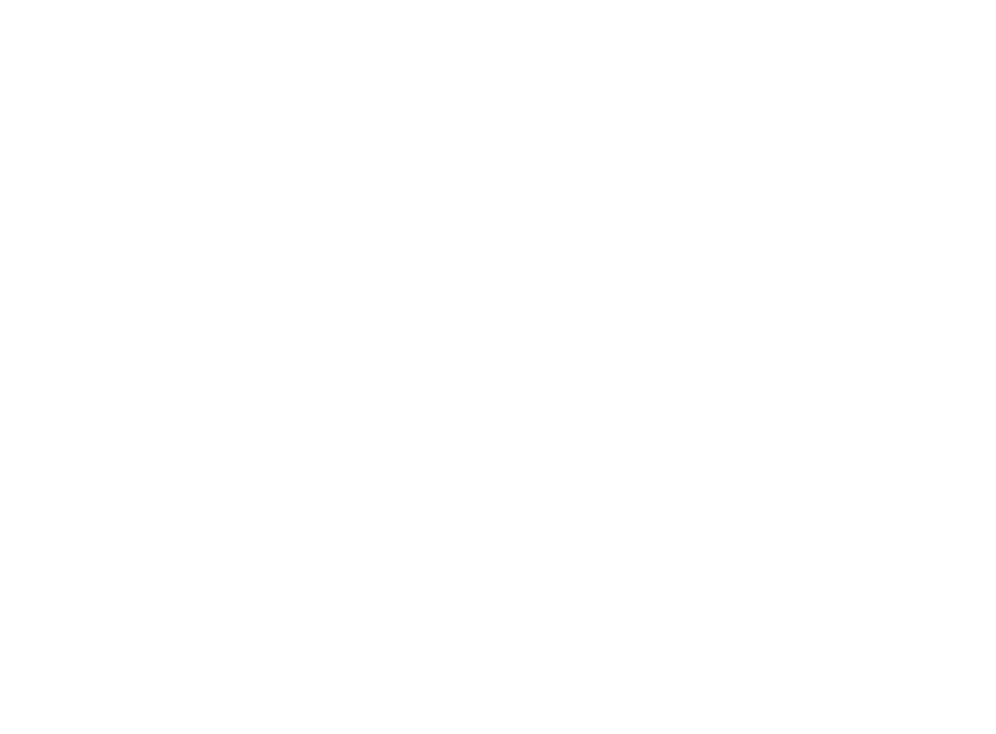  I want to click on 'Booth was selected to be the 2019 Student Preacher by a committee convened by Duke Chapel.', so click(495, 536).